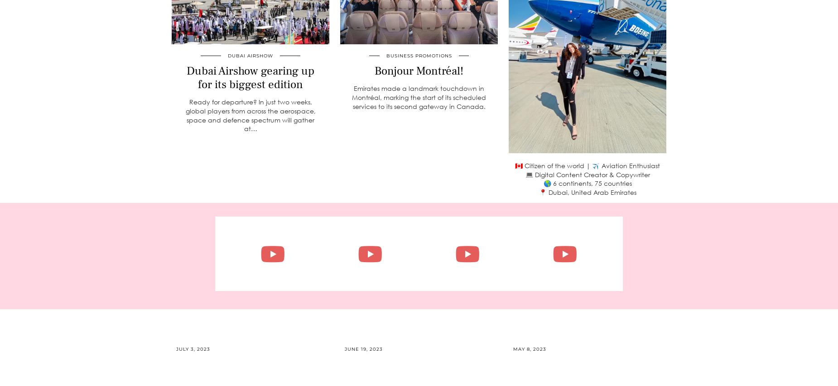 The image size is (838, 386). I want to click on 'Ready for departure? In just two weeks, global players from across the aerospace, space and defence spectrum will gather at…', so click(250, 114).